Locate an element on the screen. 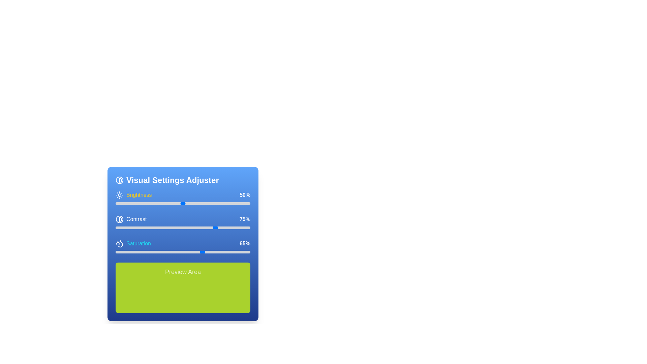 Image resolution: width=647 pixels, height=364 pixels. the 'Saturation' label which is light blue and is located next to a droplet icon on a blue background is located at coordinates (133, 243).